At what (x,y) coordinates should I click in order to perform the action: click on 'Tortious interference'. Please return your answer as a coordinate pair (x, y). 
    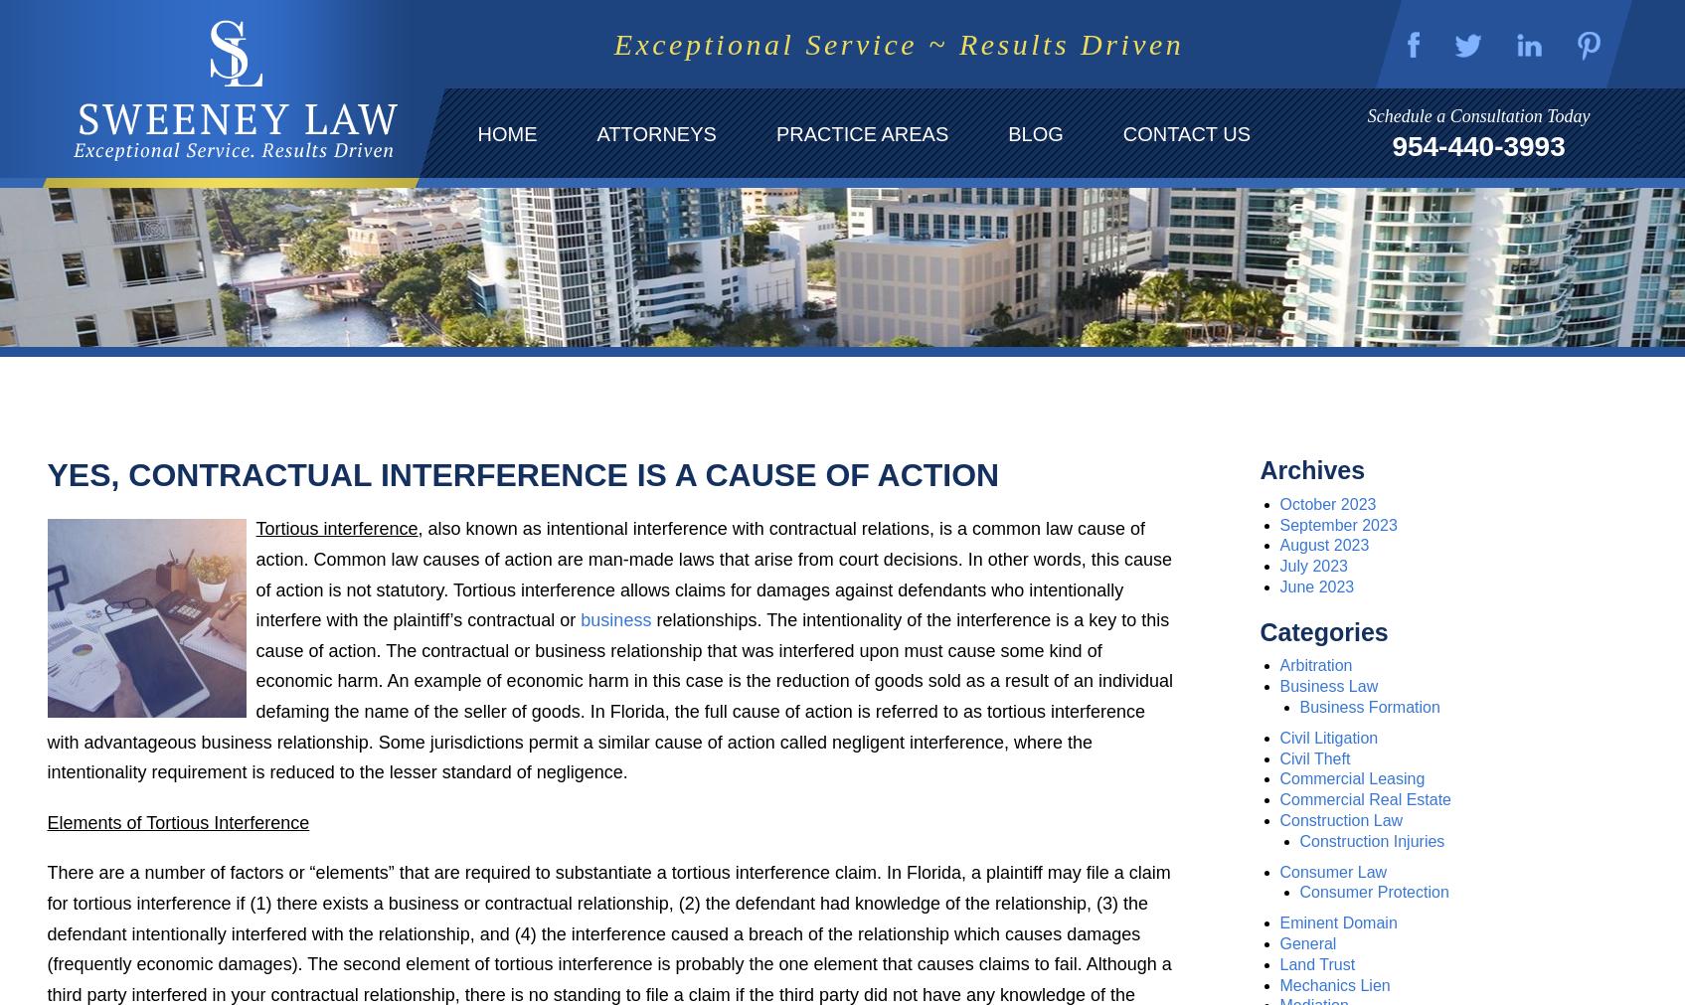
    Looking at the image, I should click on (335, 528).